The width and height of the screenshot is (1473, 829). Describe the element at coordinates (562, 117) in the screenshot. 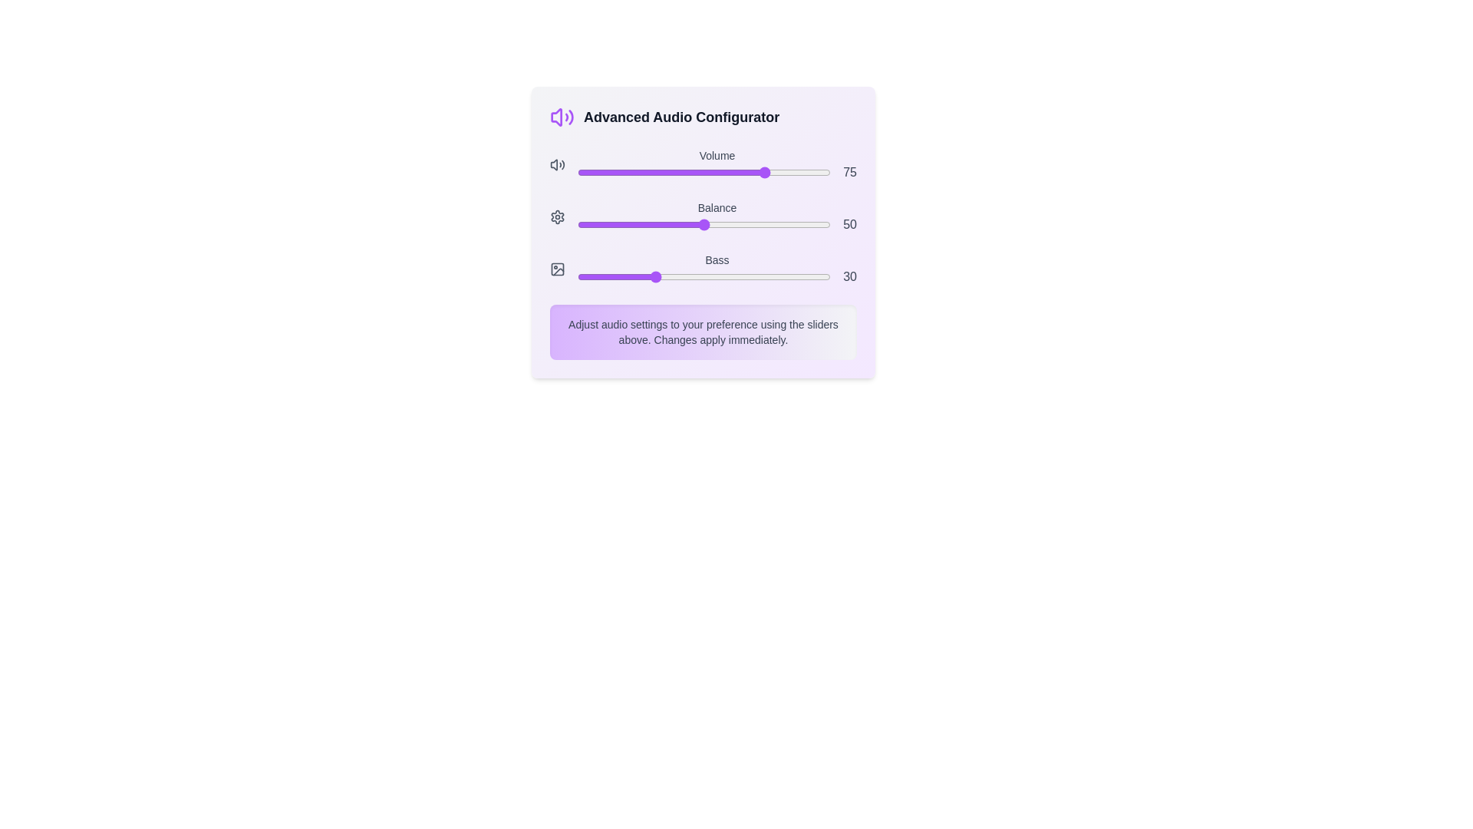

I see `the icon representing the Volume feature` at that location.